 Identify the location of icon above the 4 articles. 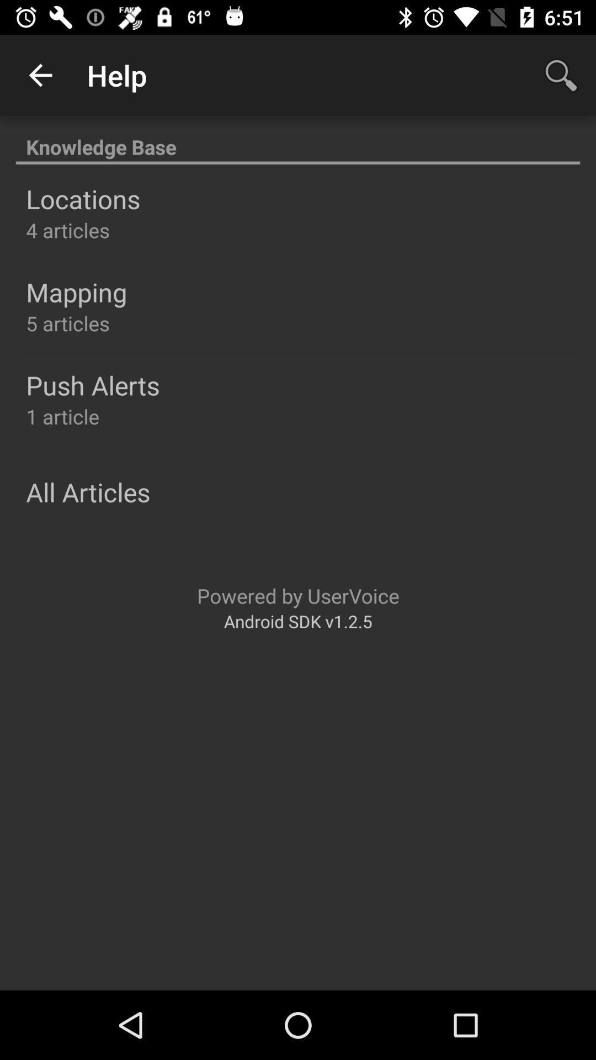
(82, 199).